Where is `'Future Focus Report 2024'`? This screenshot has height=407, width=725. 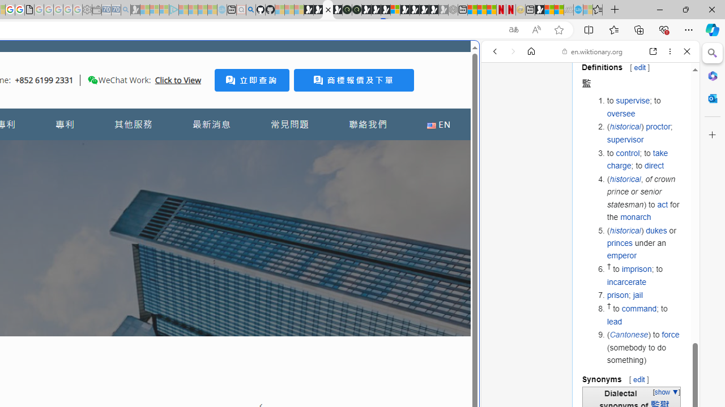 'Future Focus Report 2024' is located at coordinates (356, 10).